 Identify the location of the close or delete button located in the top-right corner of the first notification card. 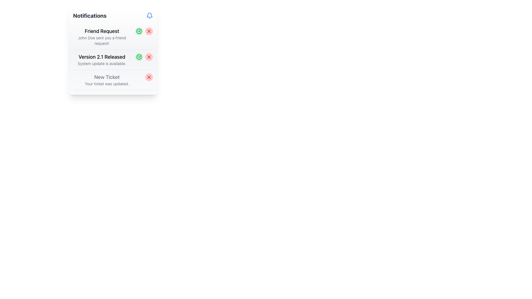
(149, 31).